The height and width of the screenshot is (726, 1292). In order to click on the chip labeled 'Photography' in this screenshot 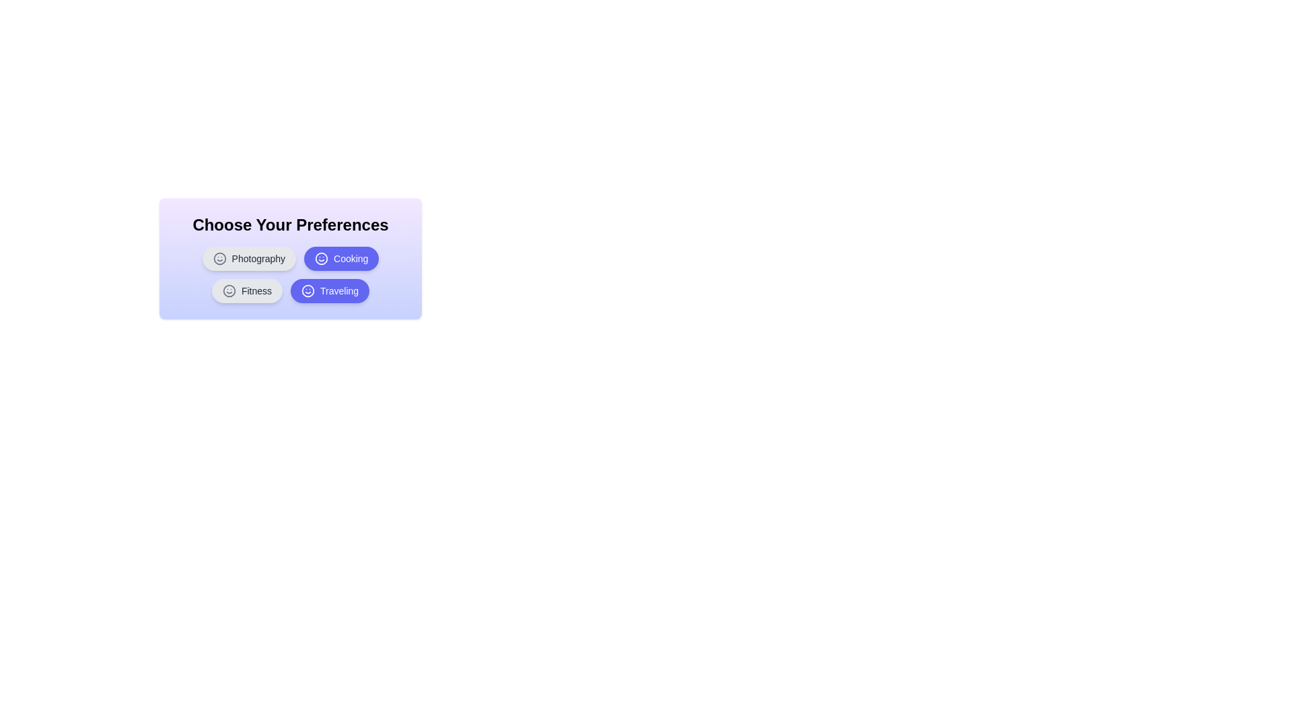, I will do `click(249, 259)`.